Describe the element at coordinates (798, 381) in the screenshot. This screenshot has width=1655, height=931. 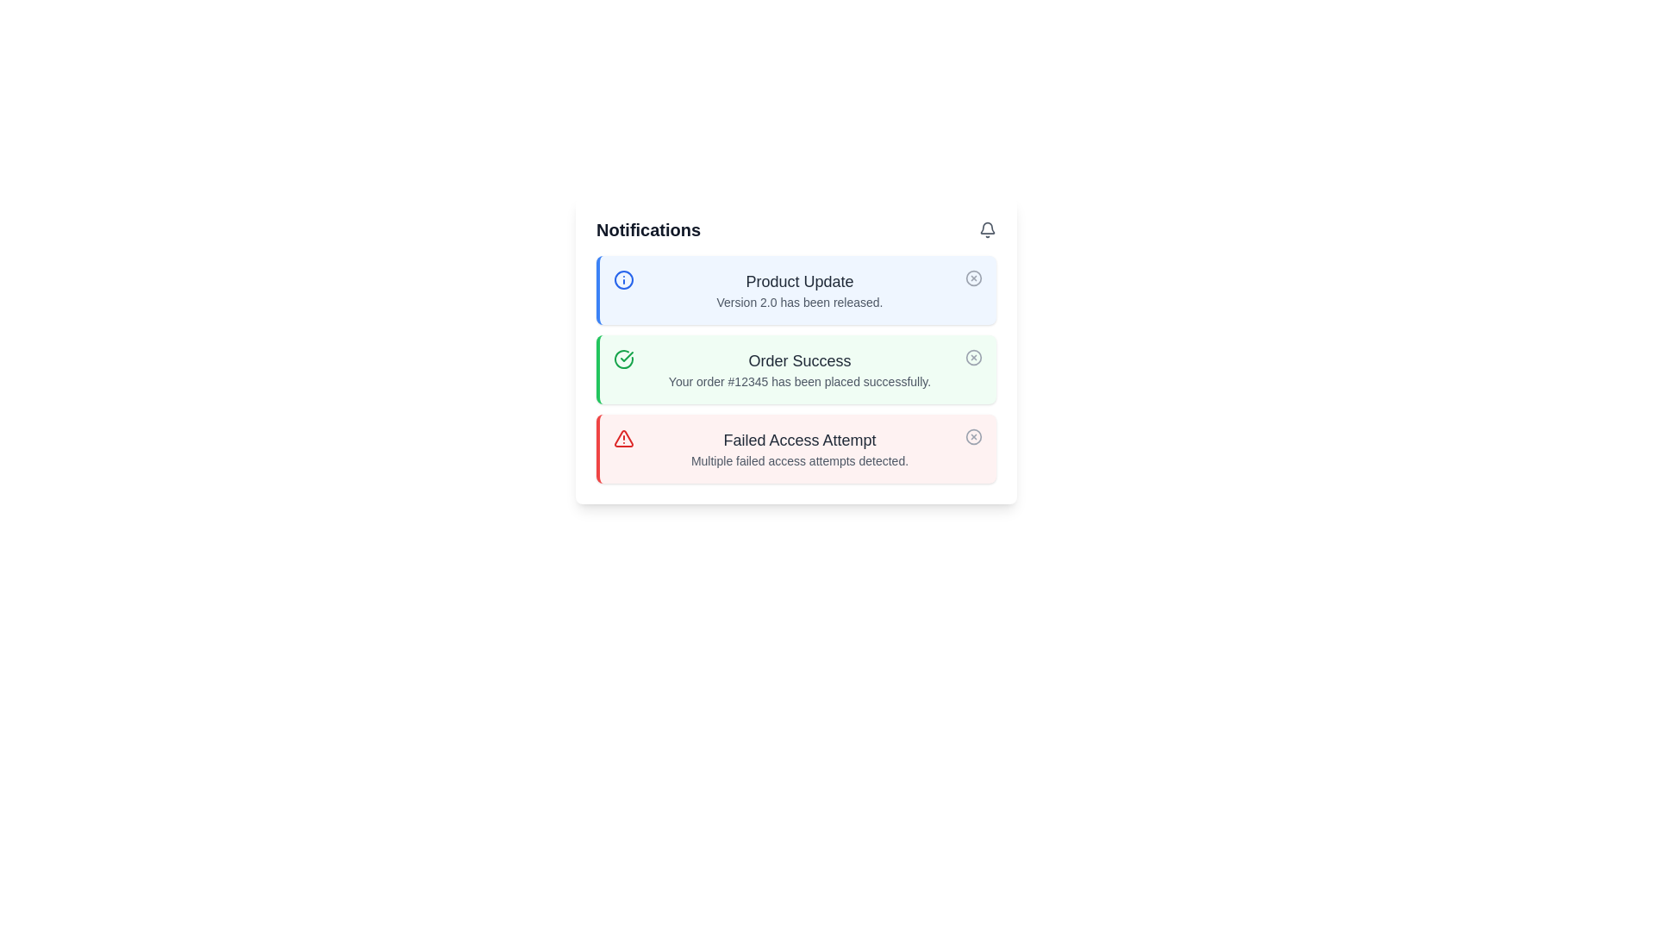
I see `the text label that reads 'Your order #12345 has been placed successfully.' within the green-themed notification box below the 'Order Success' title` at that location.